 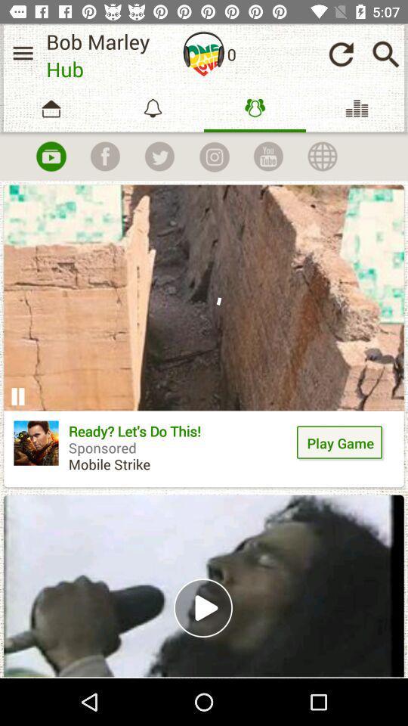 What do you see at coordinates (204, 54) in the screenshot?
I see `item to the right of bob marley item` at bounding box center [204, 54].